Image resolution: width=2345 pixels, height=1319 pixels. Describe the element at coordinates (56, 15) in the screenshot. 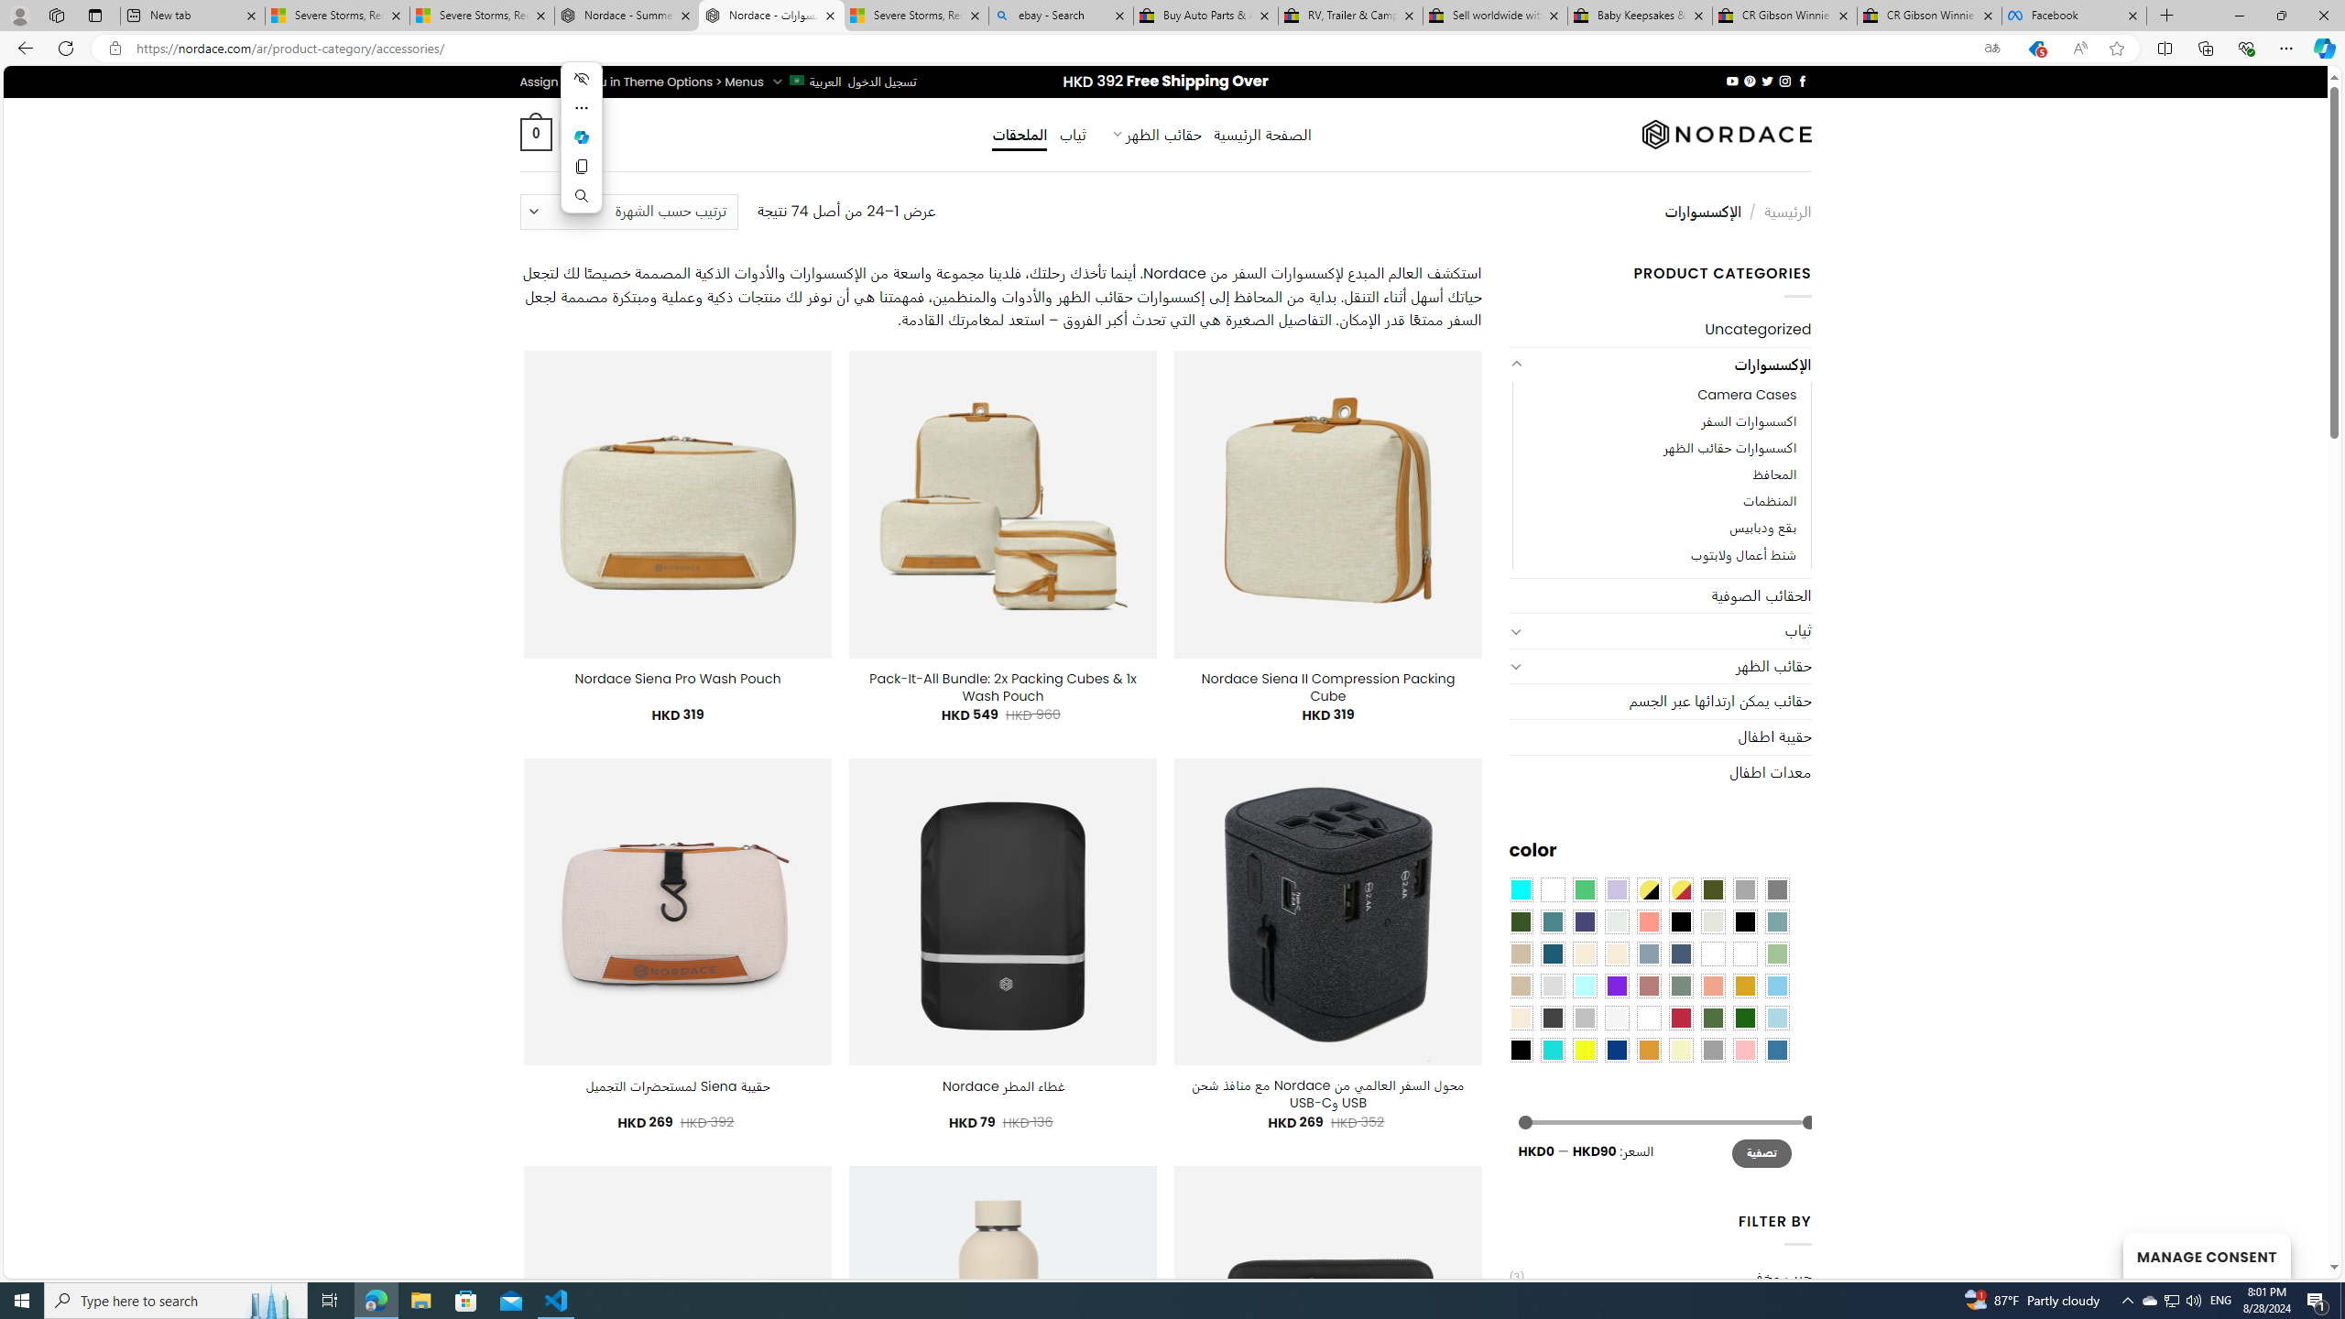

I see `'Workspaces'` at that location.